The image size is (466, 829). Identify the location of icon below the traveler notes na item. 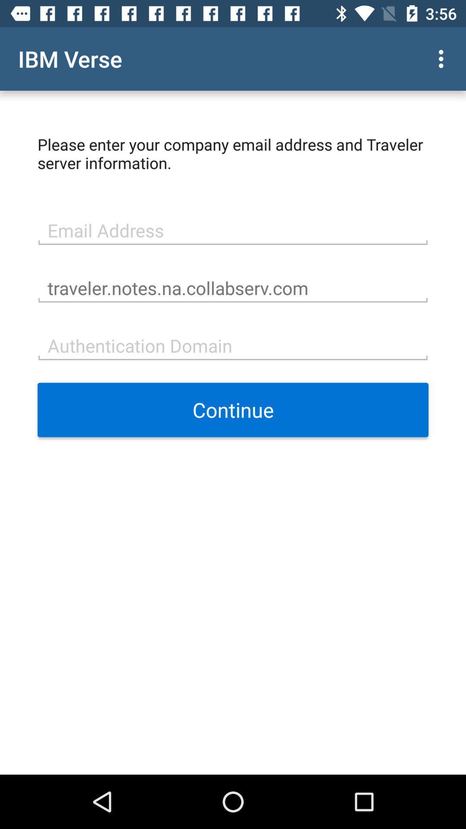
(233, 344).